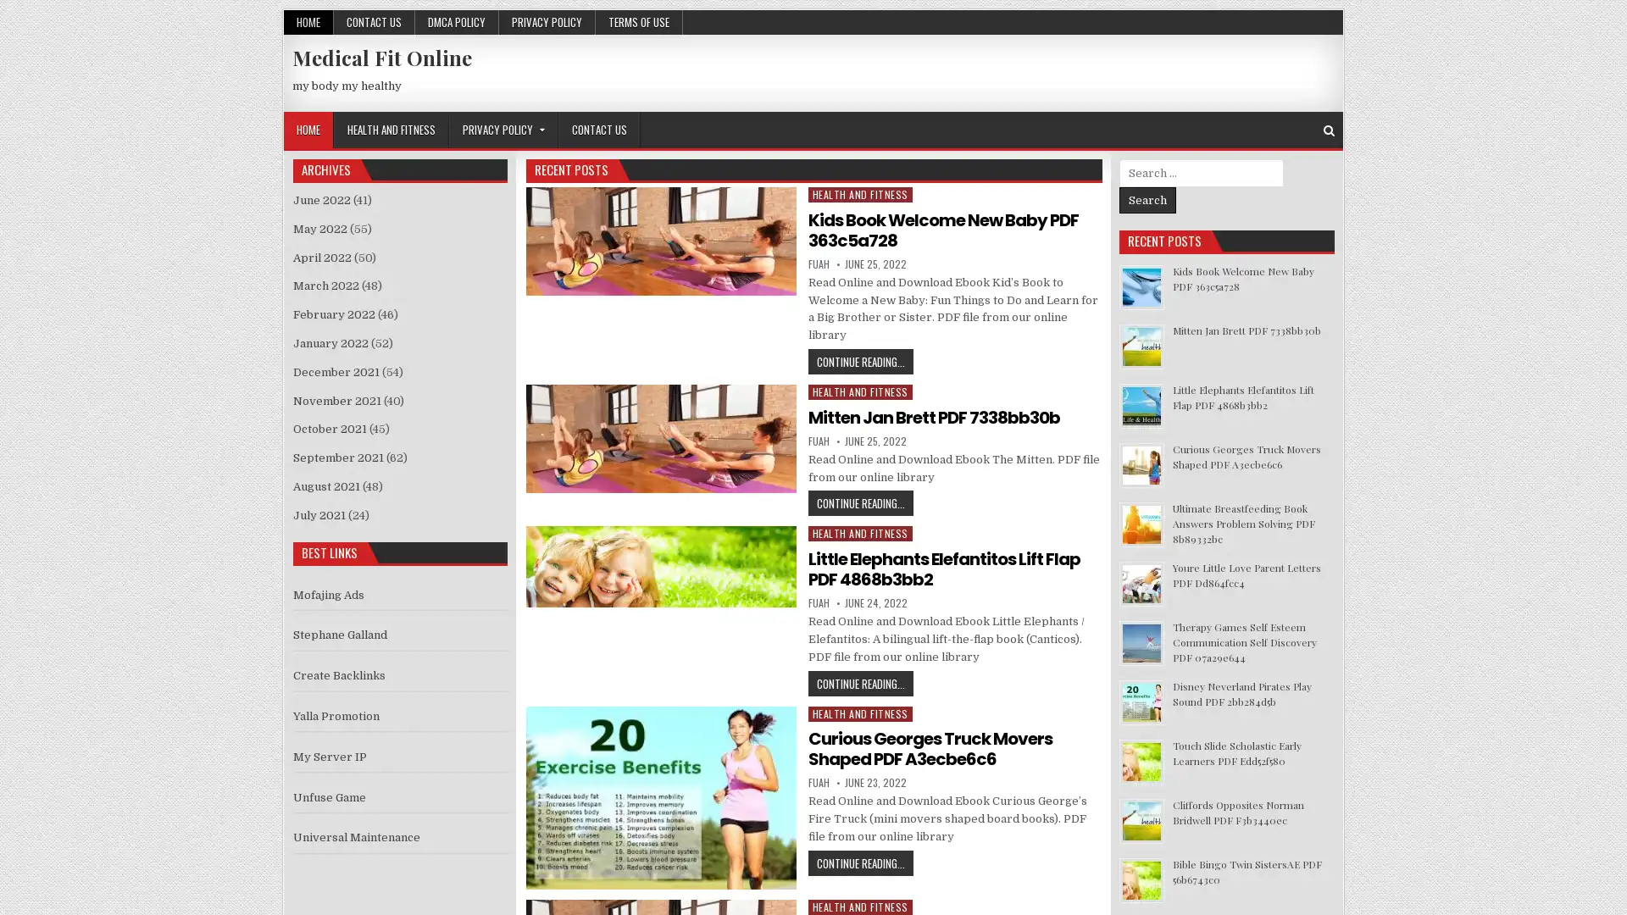 This screenshot has width=1627, height=915. I want to click on Search, so click(1147, 199).